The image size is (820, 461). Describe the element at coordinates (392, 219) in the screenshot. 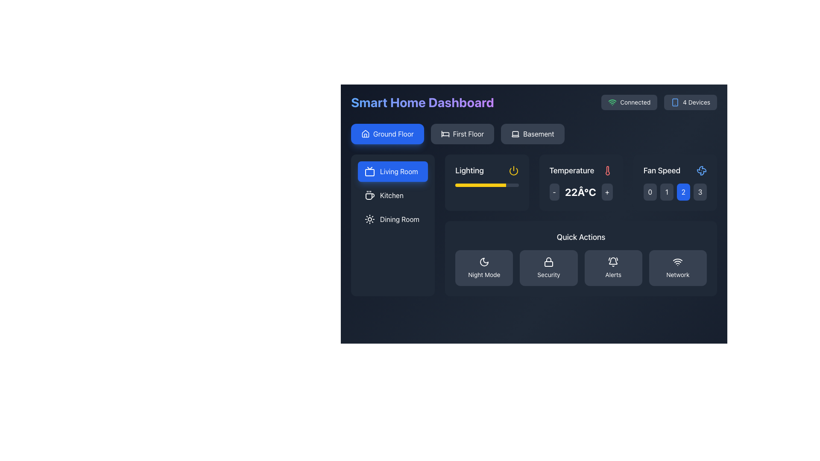

I see `the rectangular button labeled 'Dining Room' with a white sun icon, located below the 'Kitchen' button in the vertical list of buttons` at that location.